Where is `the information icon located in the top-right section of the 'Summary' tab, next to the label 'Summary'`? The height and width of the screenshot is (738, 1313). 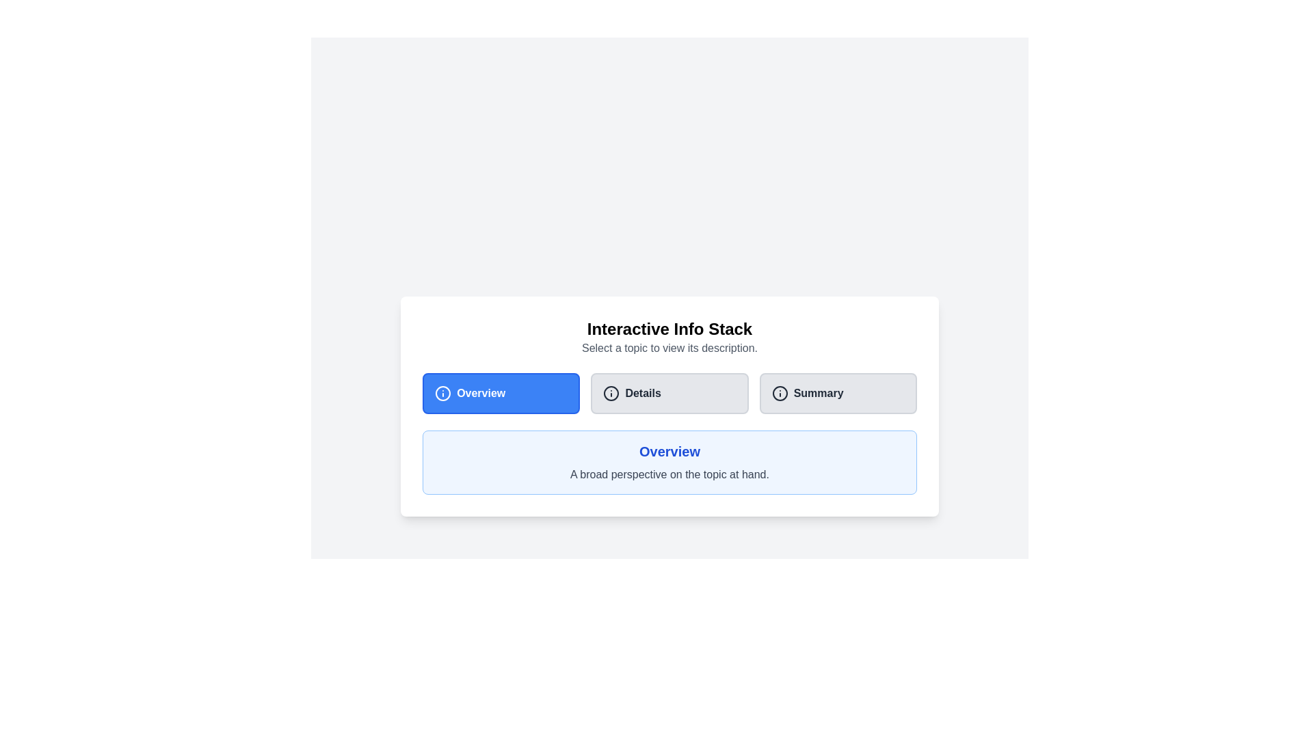 the information icon located in the top-right section of the 'Summary' tab, next to the label 'Summary' is located at coordinates (780, 393).